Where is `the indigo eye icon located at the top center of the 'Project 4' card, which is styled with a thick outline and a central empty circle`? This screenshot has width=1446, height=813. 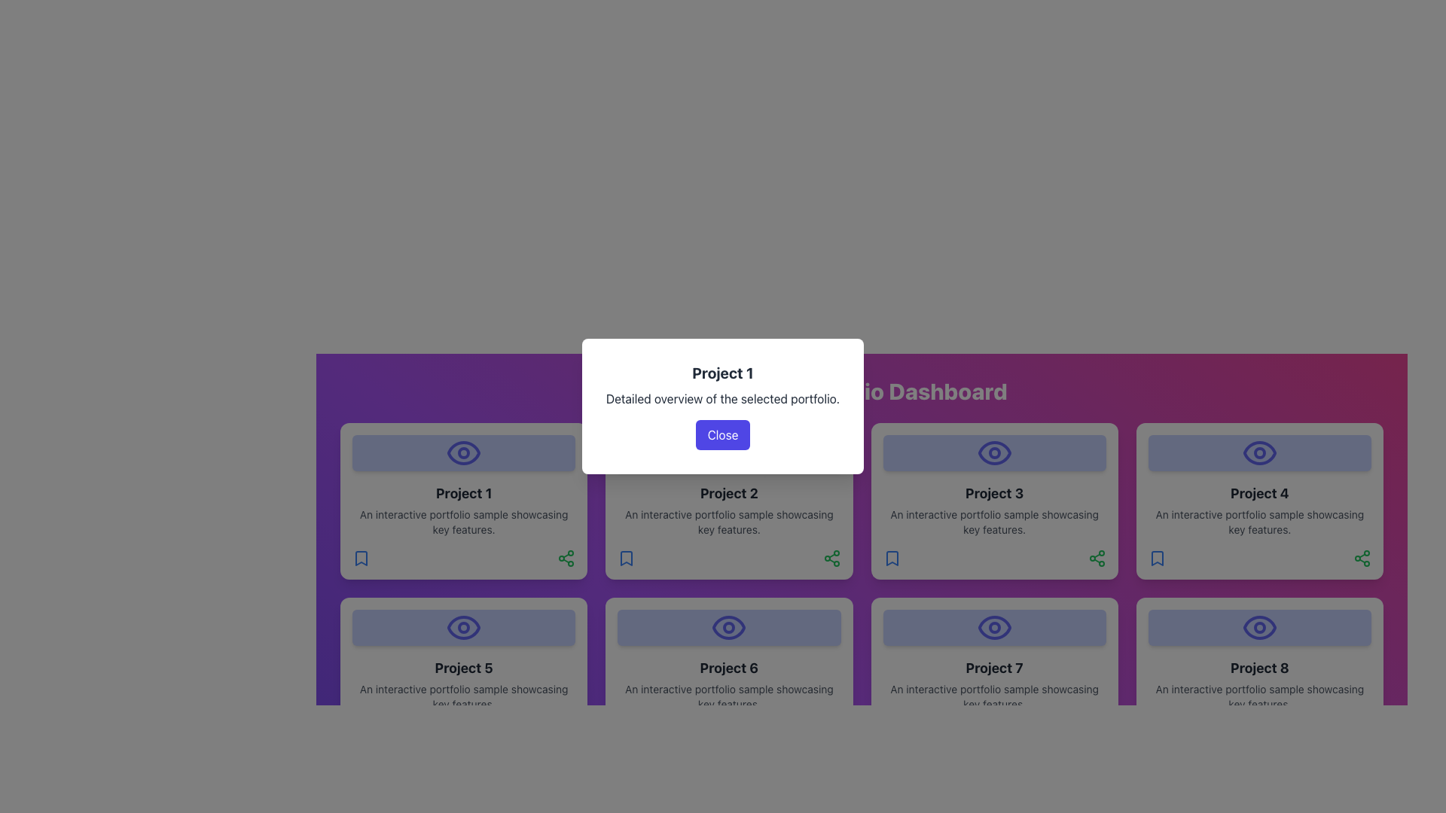 the indigo eye icon located at the top center of the 'Project 4' card, which is styled with a thick outline and a central empty circle is located at coordinates (1259, 452).